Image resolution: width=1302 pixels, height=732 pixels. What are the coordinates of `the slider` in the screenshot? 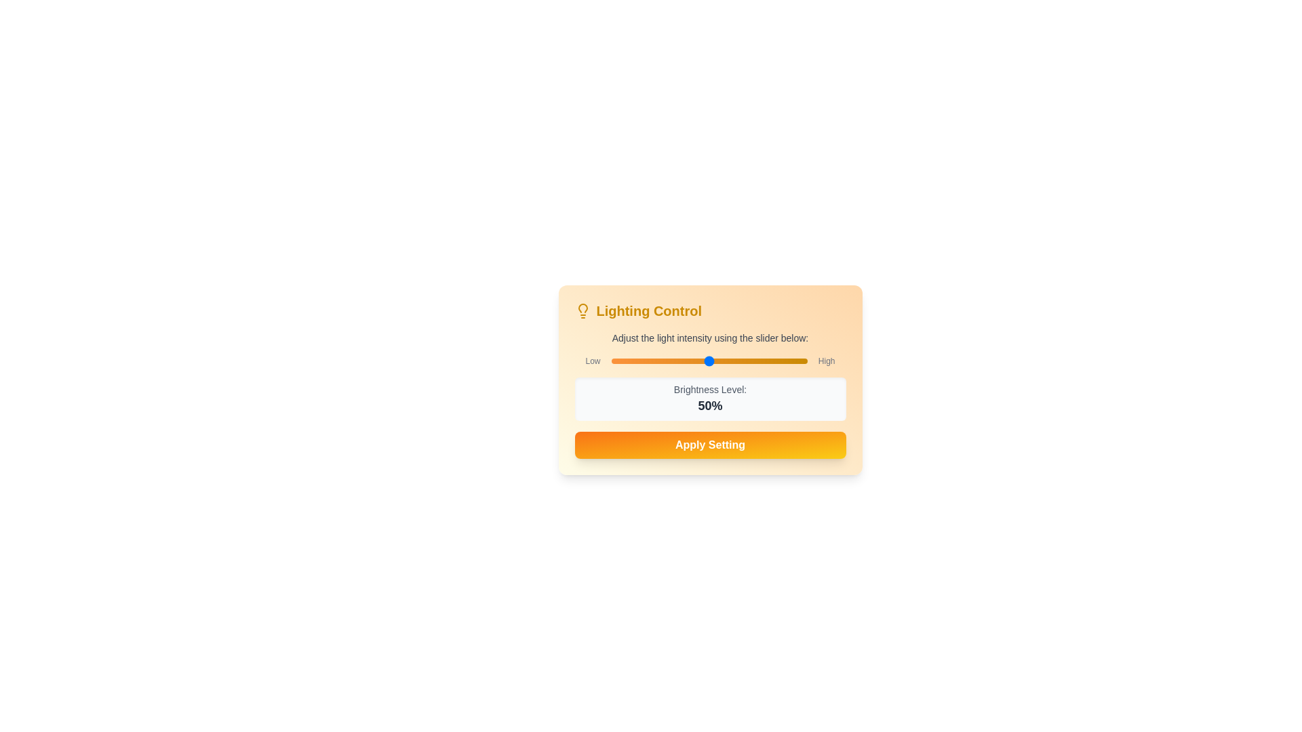 It's located at (742, 360).